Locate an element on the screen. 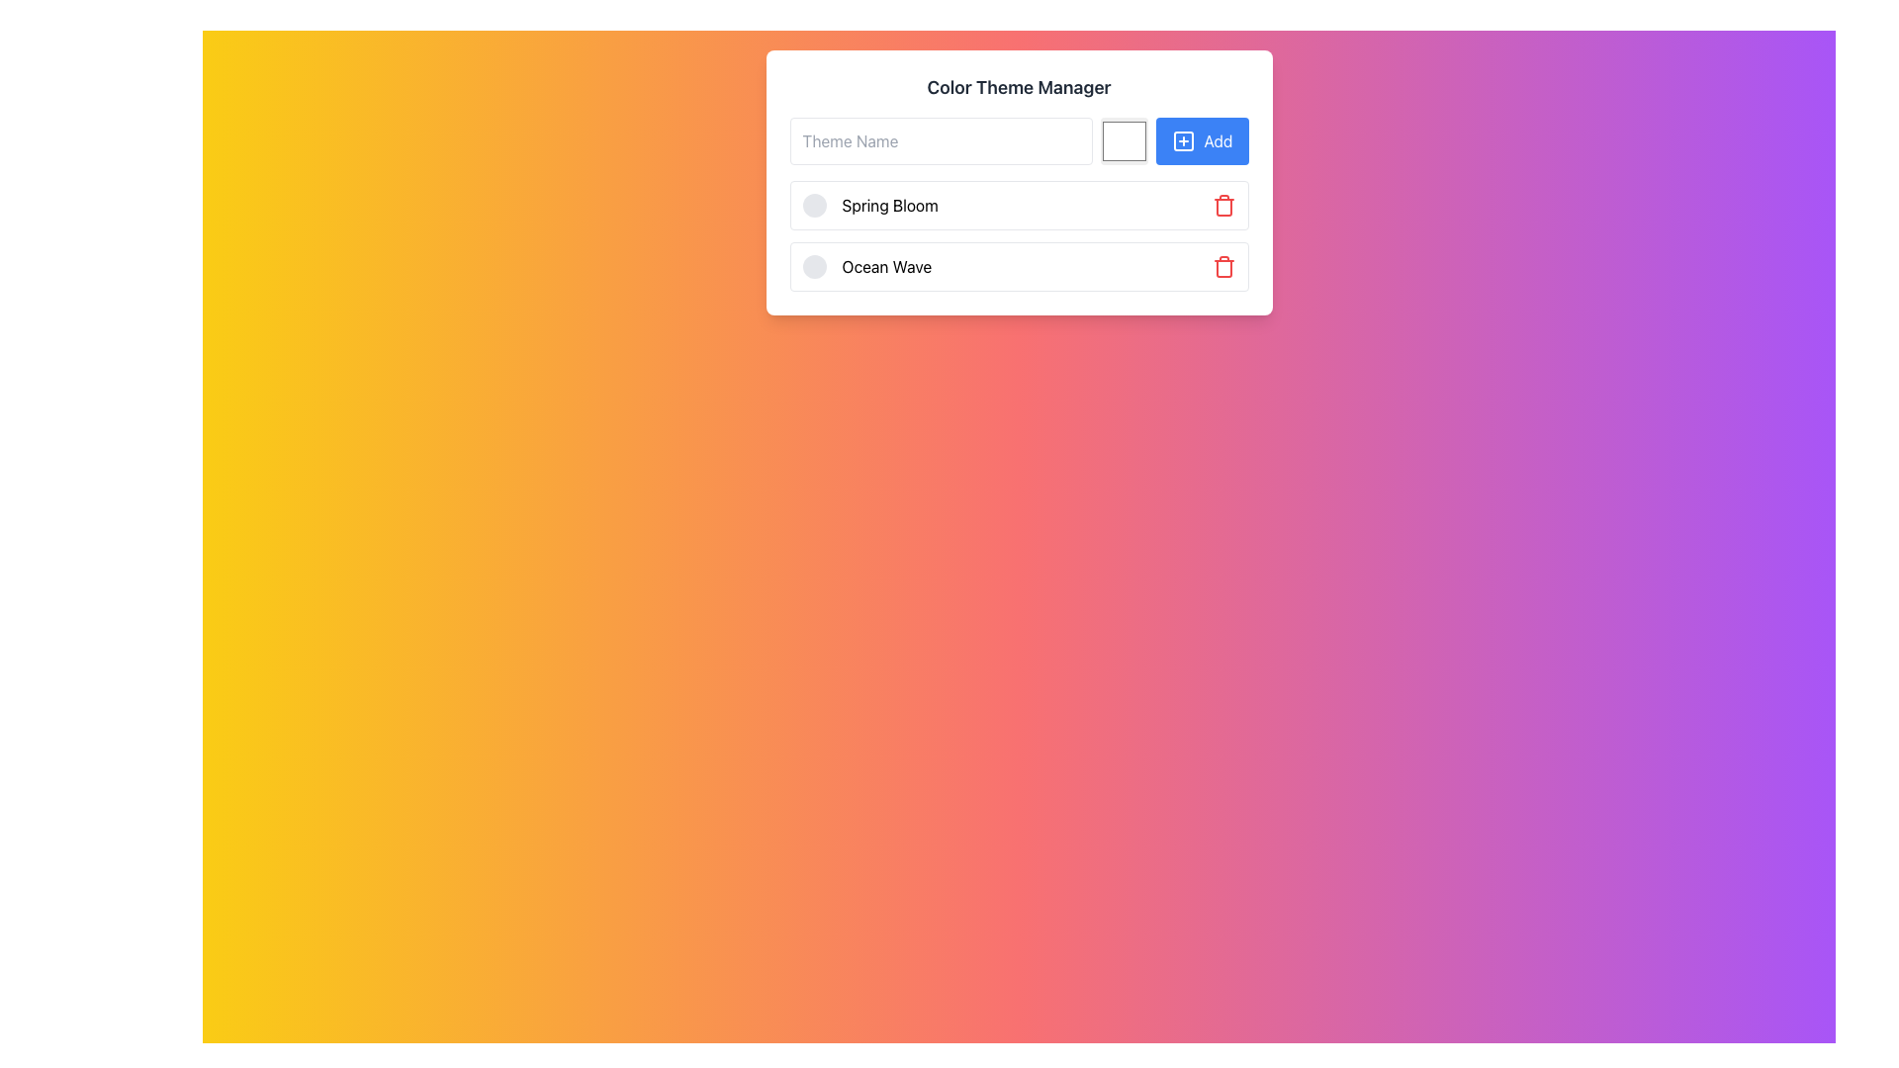 This screenshot has width=1899, height=1068. the available themes in the List Component of the Color Theme Manager, which includes 'Spring Bloom' and 'Ocean Wave' is located at coordinates (1019, 235).